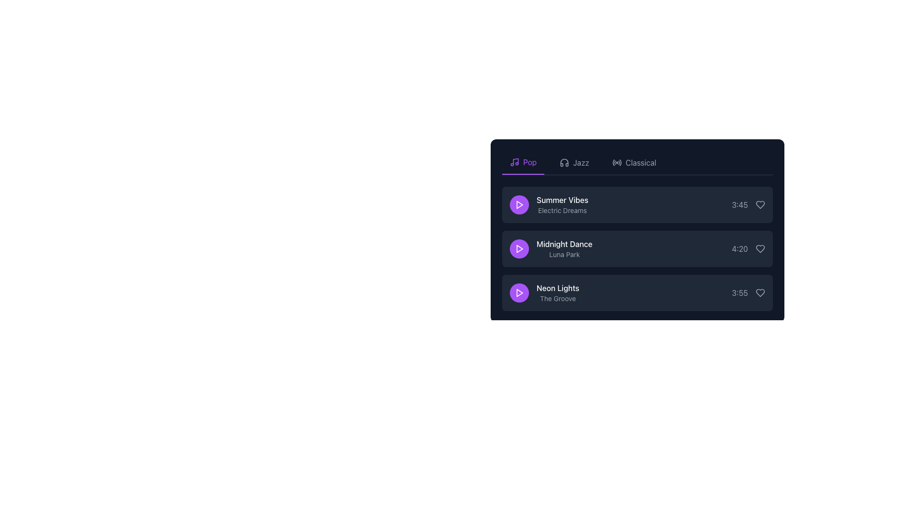 This screenshot has height=517, width=920. I want to click on the radio wave icon located in the third slot of the top navigation bar, so click(617, 162).